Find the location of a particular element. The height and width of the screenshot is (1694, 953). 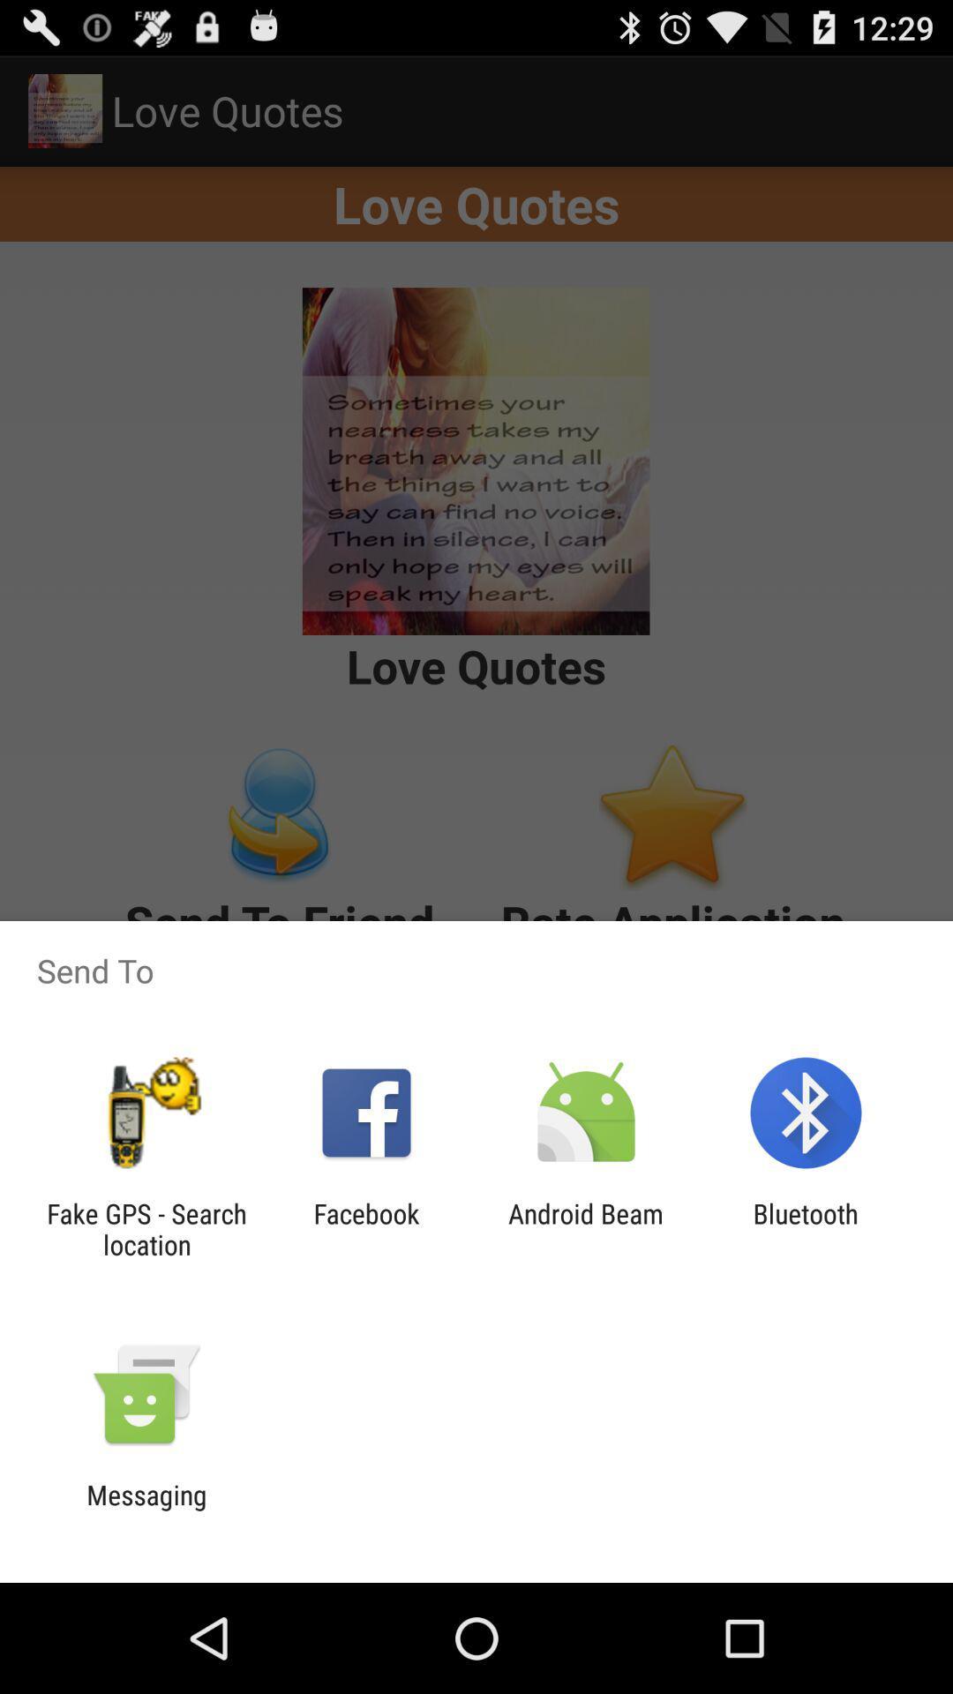

fake gps search icon is located at coordinates (146, 1228).